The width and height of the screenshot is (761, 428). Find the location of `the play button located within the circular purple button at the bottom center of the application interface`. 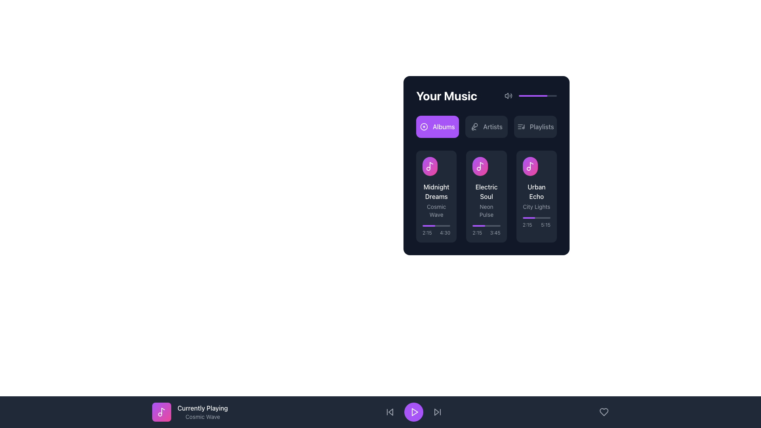

the play button located within the circular purple button at the bottom center of the application interface is located at coordinates (414, 412).